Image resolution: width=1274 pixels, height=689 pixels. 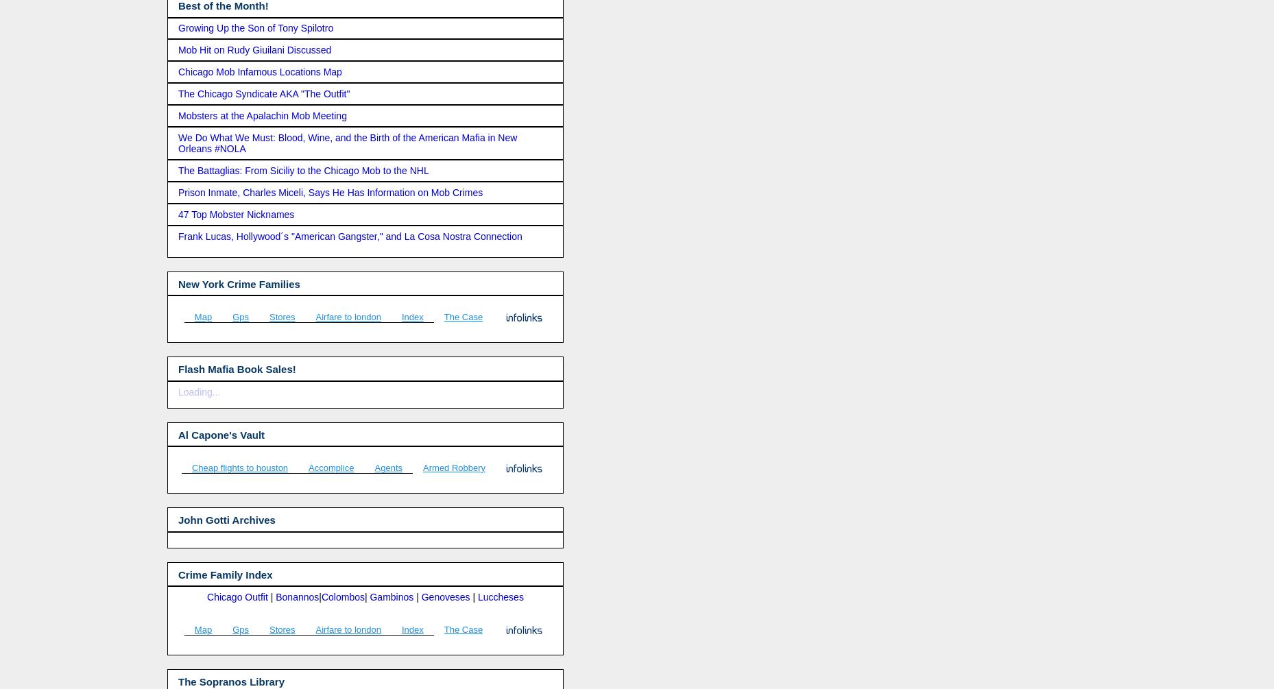 I want to click on 'Best of the Month!', so click(x=177, y=5).